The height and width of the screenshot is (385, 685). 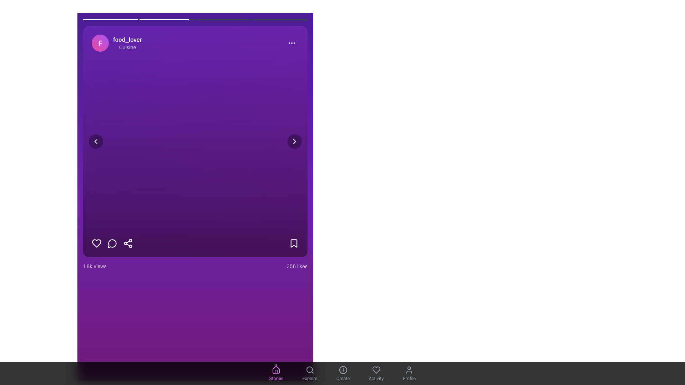 I want to click on the 'Stories' icon in the bottom navigation panel, which is the second icon from the left, visually representing the function of the 'Stories' section, so click(x=276, y=369).